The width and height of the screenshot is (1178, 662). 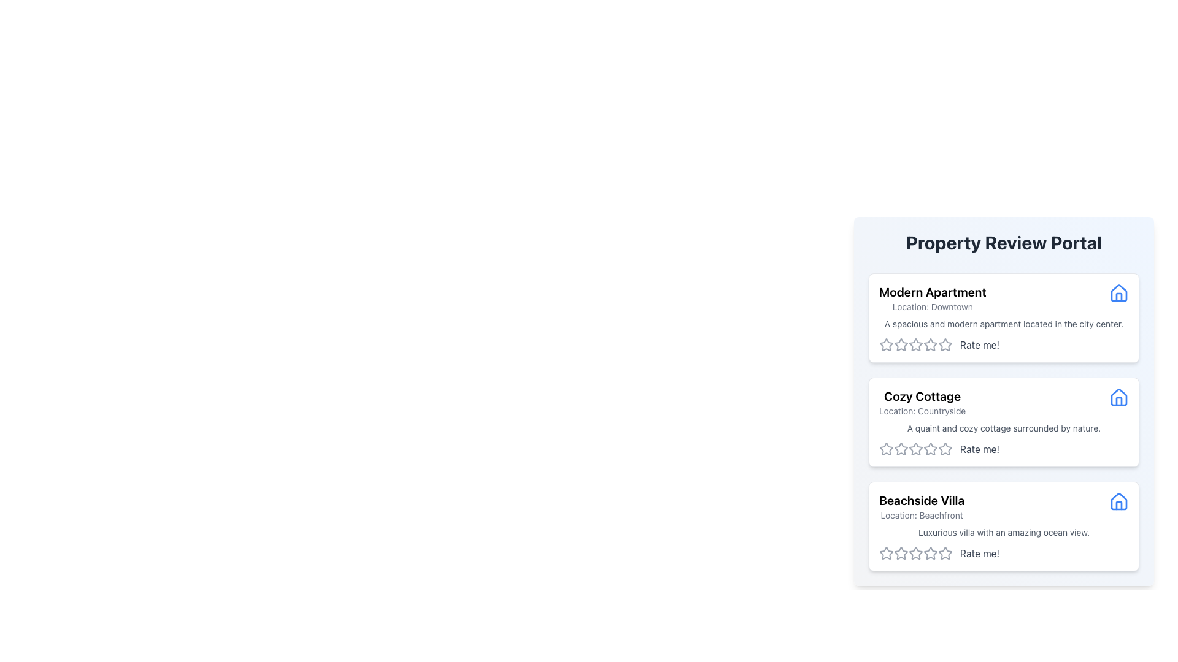 I want to click on the icon in the top-right corner of the 'Modern Apartment' card, so click(x=1119, y=293).